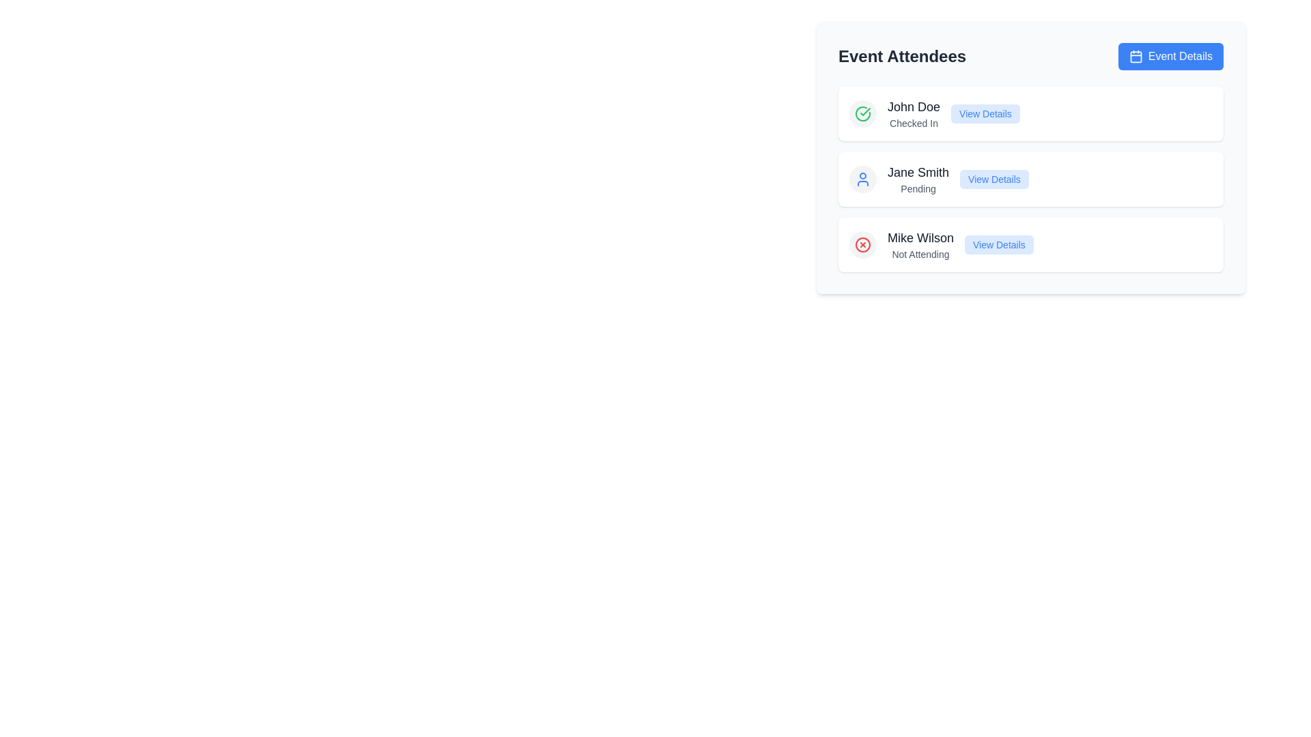 Image resolution: width=1311 pixels, height=737 pixels. I want to click on the text label reading 'Checked In', which is located below 'John Doe' and to the right of the green check icon in the attendee status list, so click(914, 124).